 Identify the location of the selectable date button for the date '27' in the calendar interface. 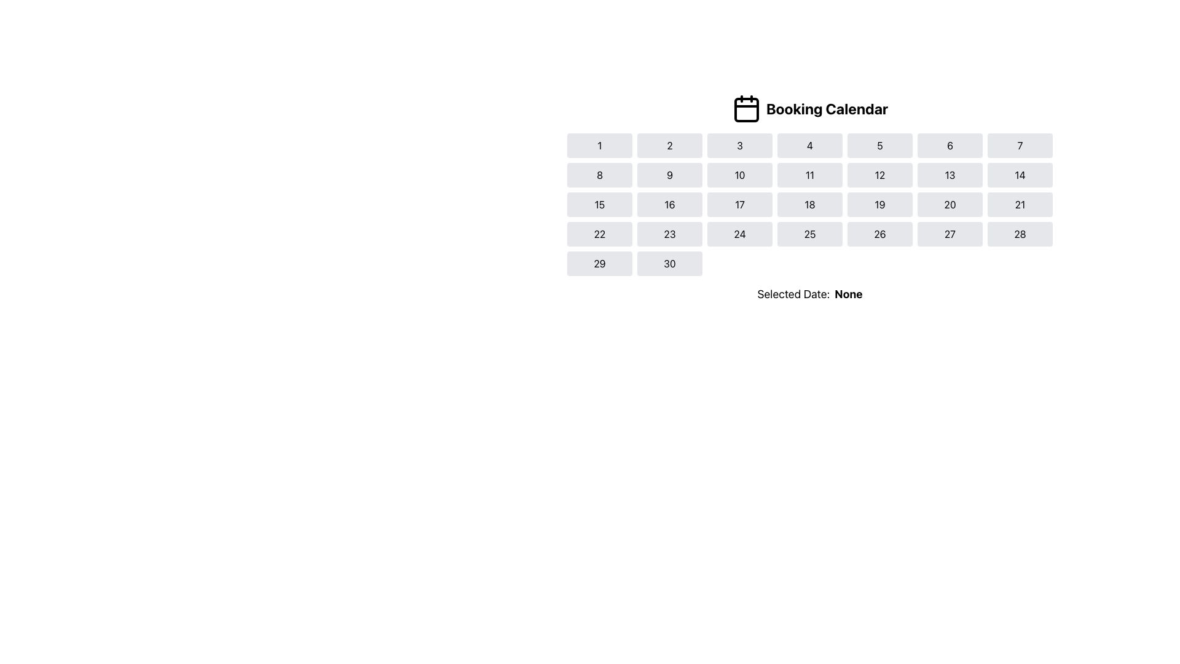
(949, 234).